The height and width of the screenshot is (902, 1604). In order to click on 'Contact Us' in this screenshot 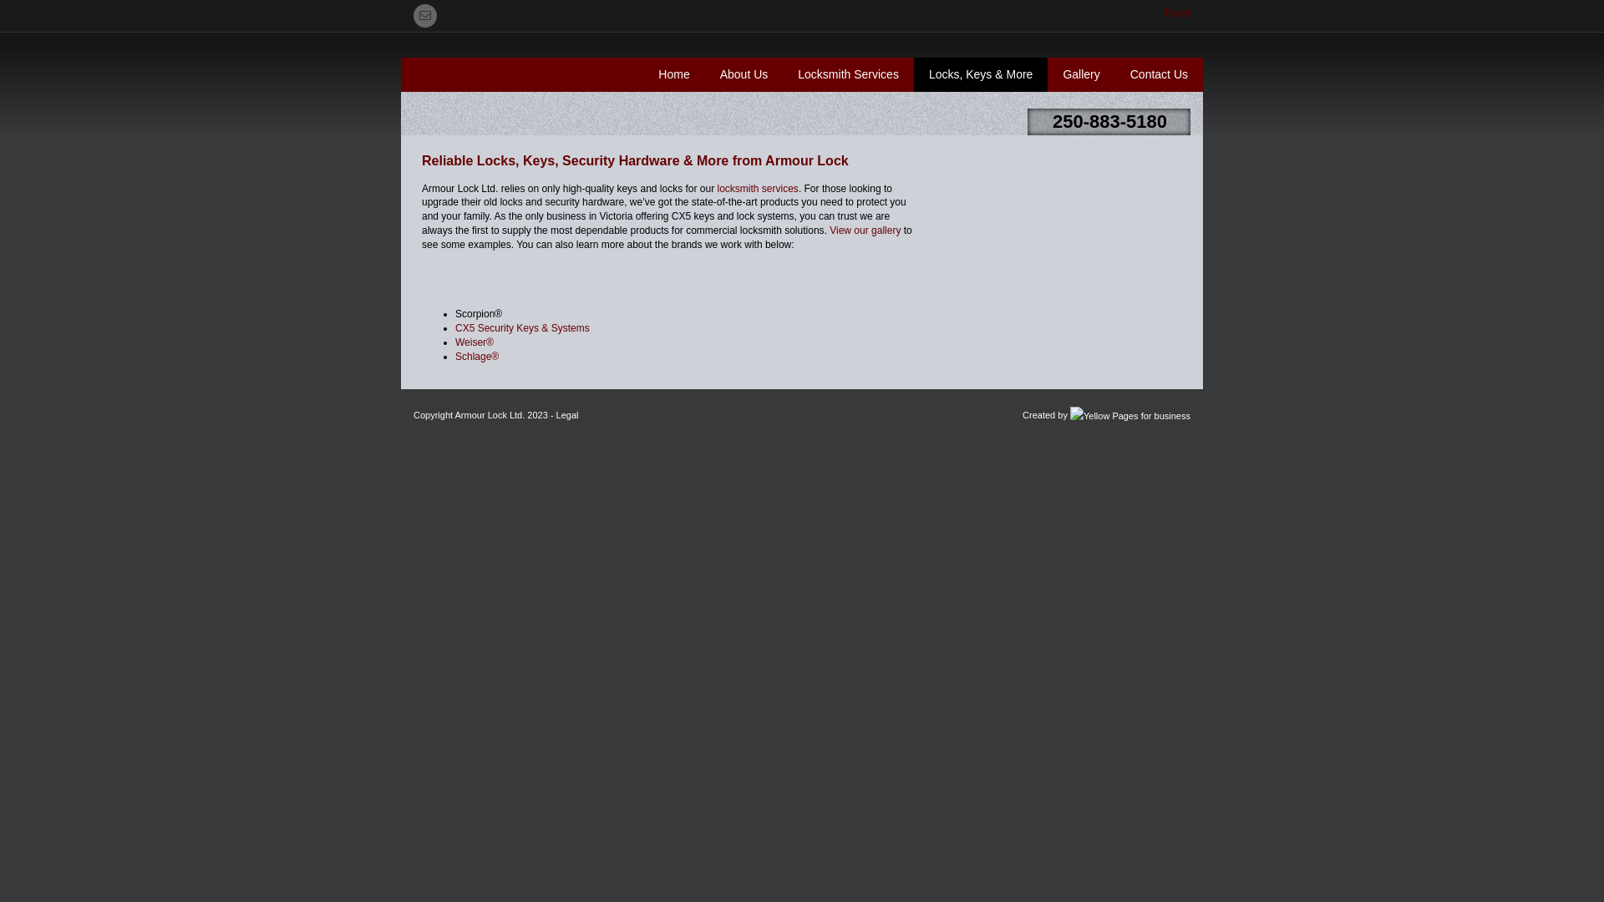, I will do `click(1158, 73)`.